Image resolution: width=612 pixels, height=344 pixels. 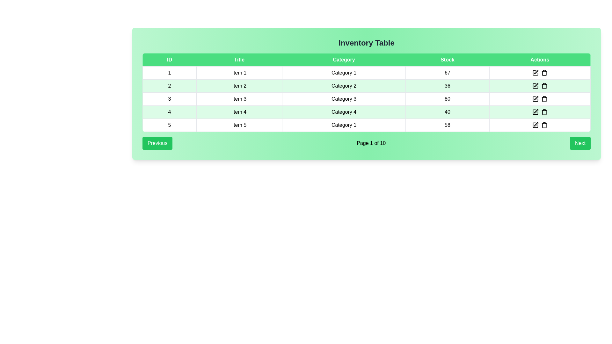 What do you see at coordinates (540, 111) in the screenshot?
I see `the delete icon (trash can) in the Actions column of the fourth row of the Inventory Table` at bounding box center [540, 111].